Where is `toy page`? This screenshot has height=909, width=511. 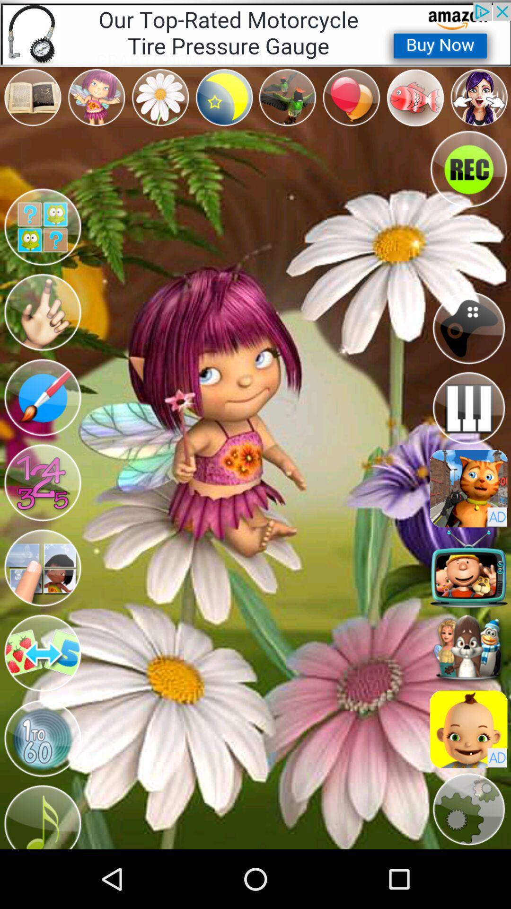 toy page is located at coordinates (468, 489).